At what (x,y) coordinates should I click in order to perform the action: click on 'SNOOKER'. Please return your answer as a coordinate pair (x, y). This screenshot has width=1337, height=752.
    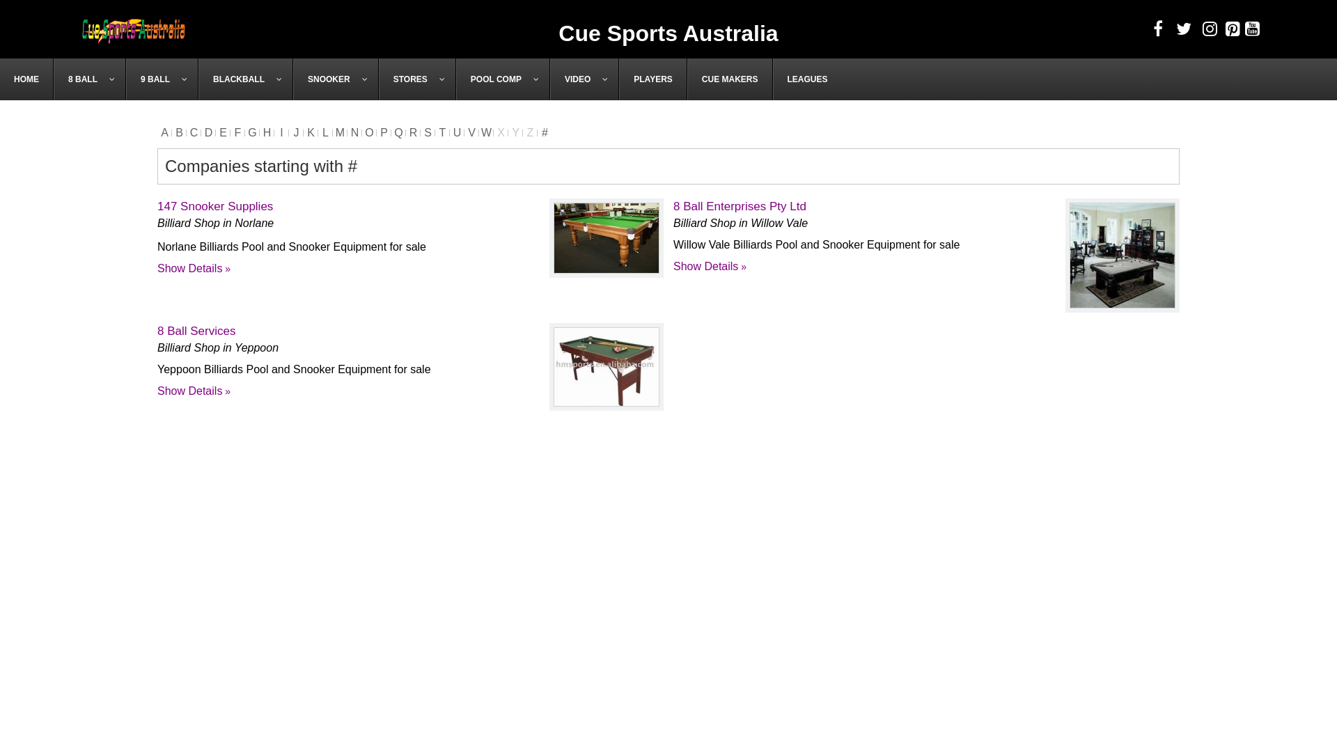
    Looking at the image, I should click on (336, 79).